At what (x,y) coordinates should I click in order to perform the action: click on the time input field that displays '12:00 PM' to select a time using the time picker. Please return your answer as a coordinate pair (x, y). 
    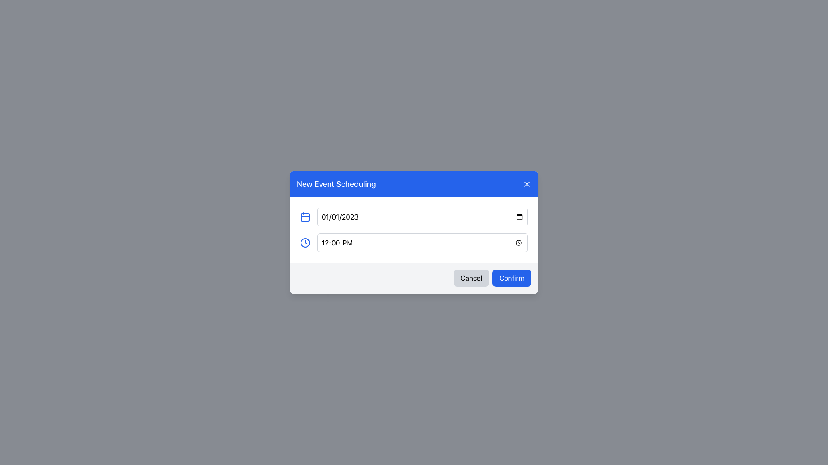
    Looking at the image, I should click on (422, 242).